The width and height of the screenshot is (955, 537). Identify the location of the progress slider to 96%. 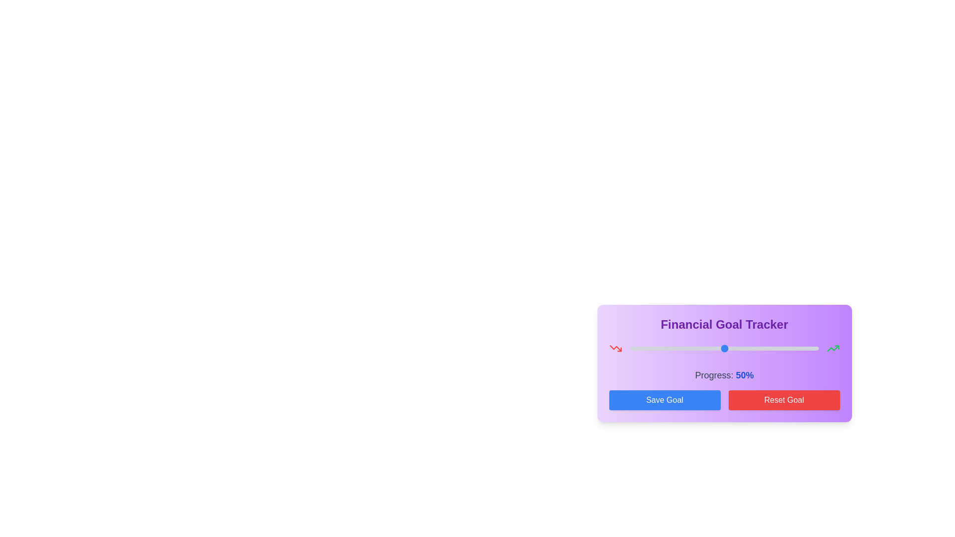
(811, 348).